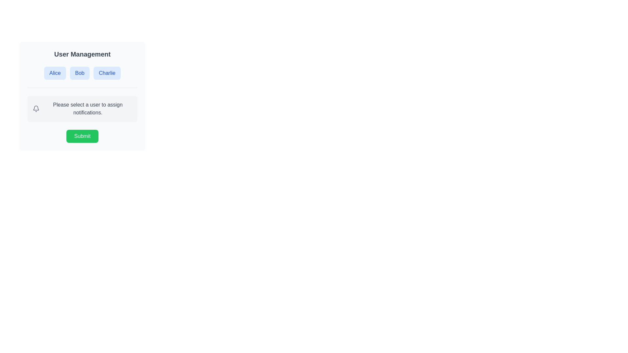 This screenshot has width=628, height=353. What do you see at coordinates (82, 136) in the screenshot?
I see `the submit button located at the bottom of the 'User Management' interface` at bounding box center [82, 136].